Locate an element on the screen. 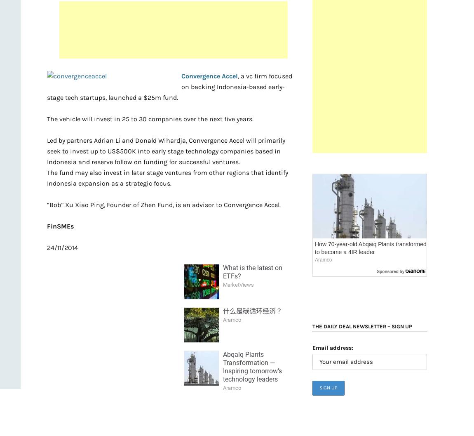  '24/11/2014' is located at coordinates (62, 247).